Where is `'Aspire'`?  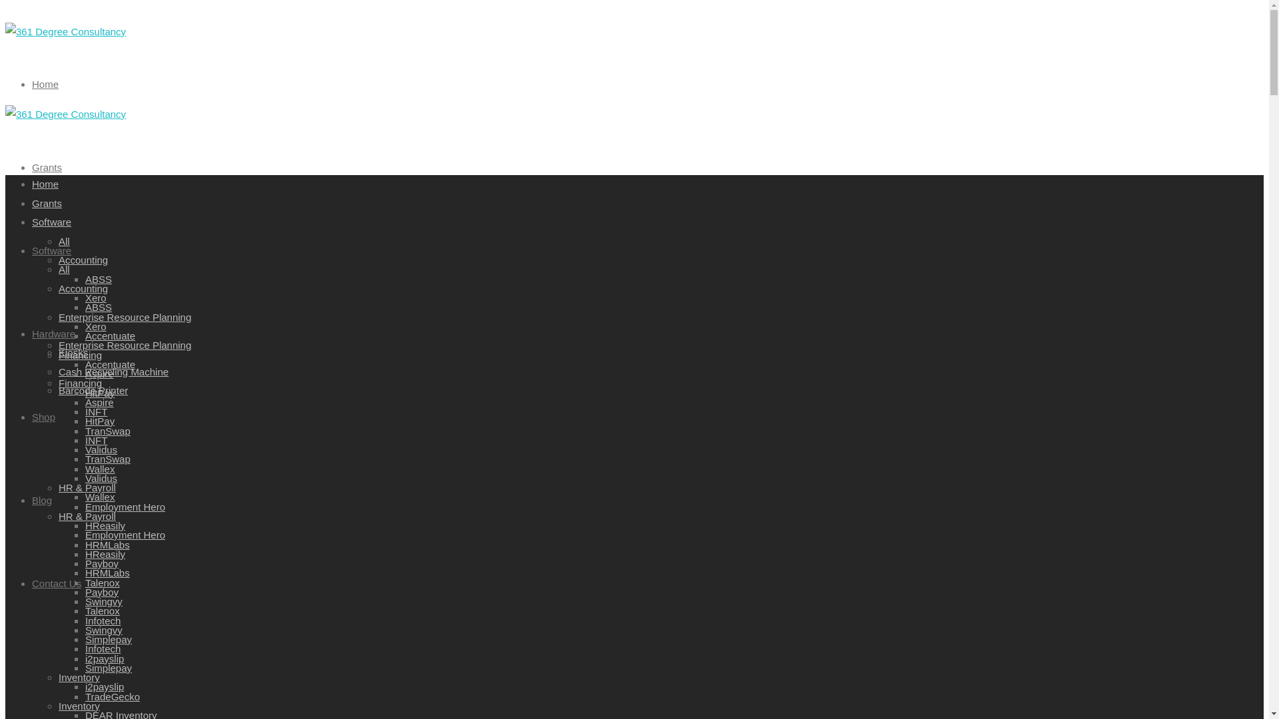
'Aspire' is located at coordinates (99, 373).